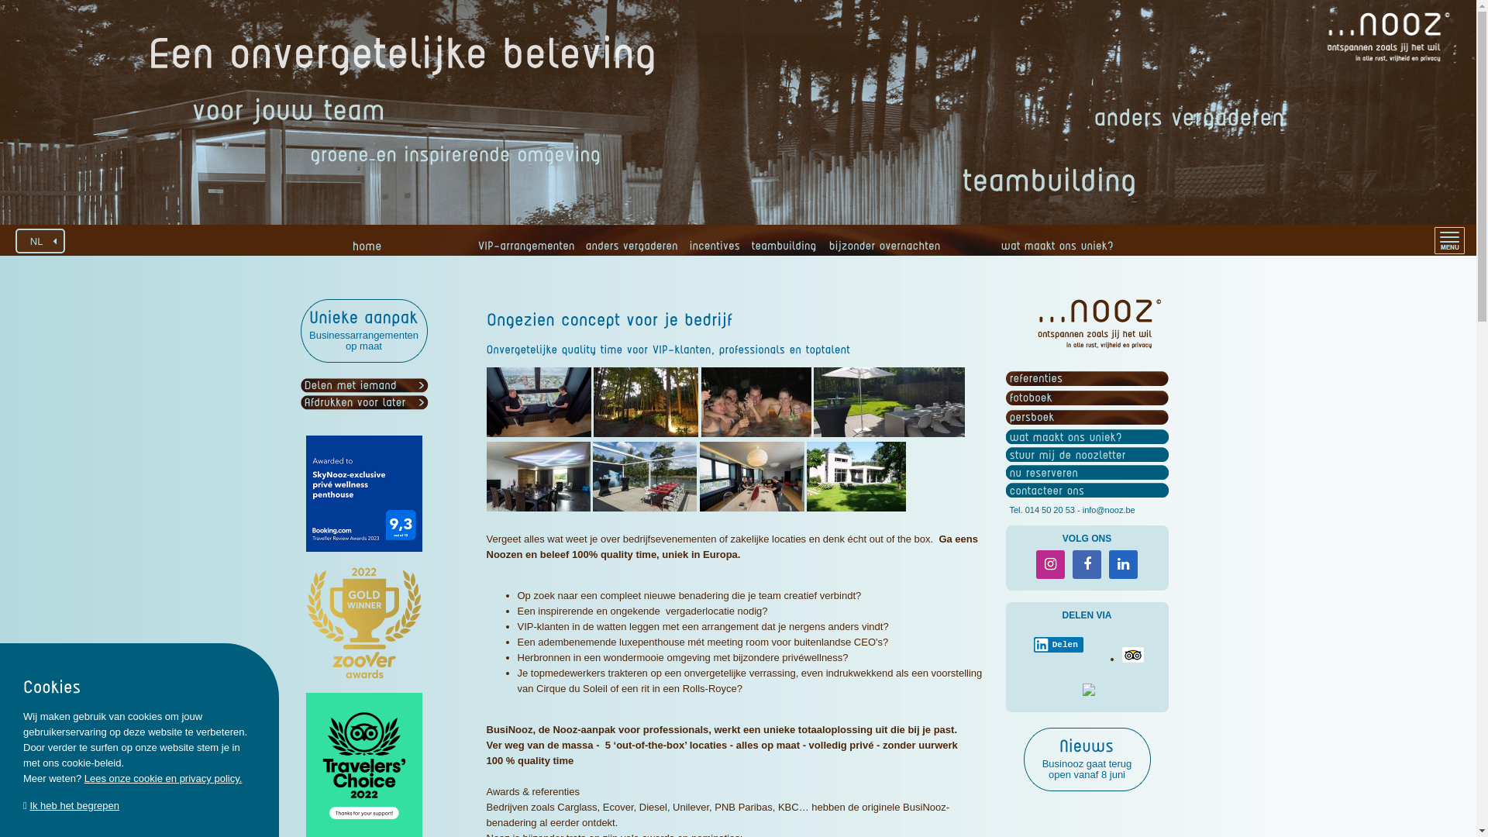 This screenshot has width=1488, height=837. I want to click on 'incentives', so click(712, 250).